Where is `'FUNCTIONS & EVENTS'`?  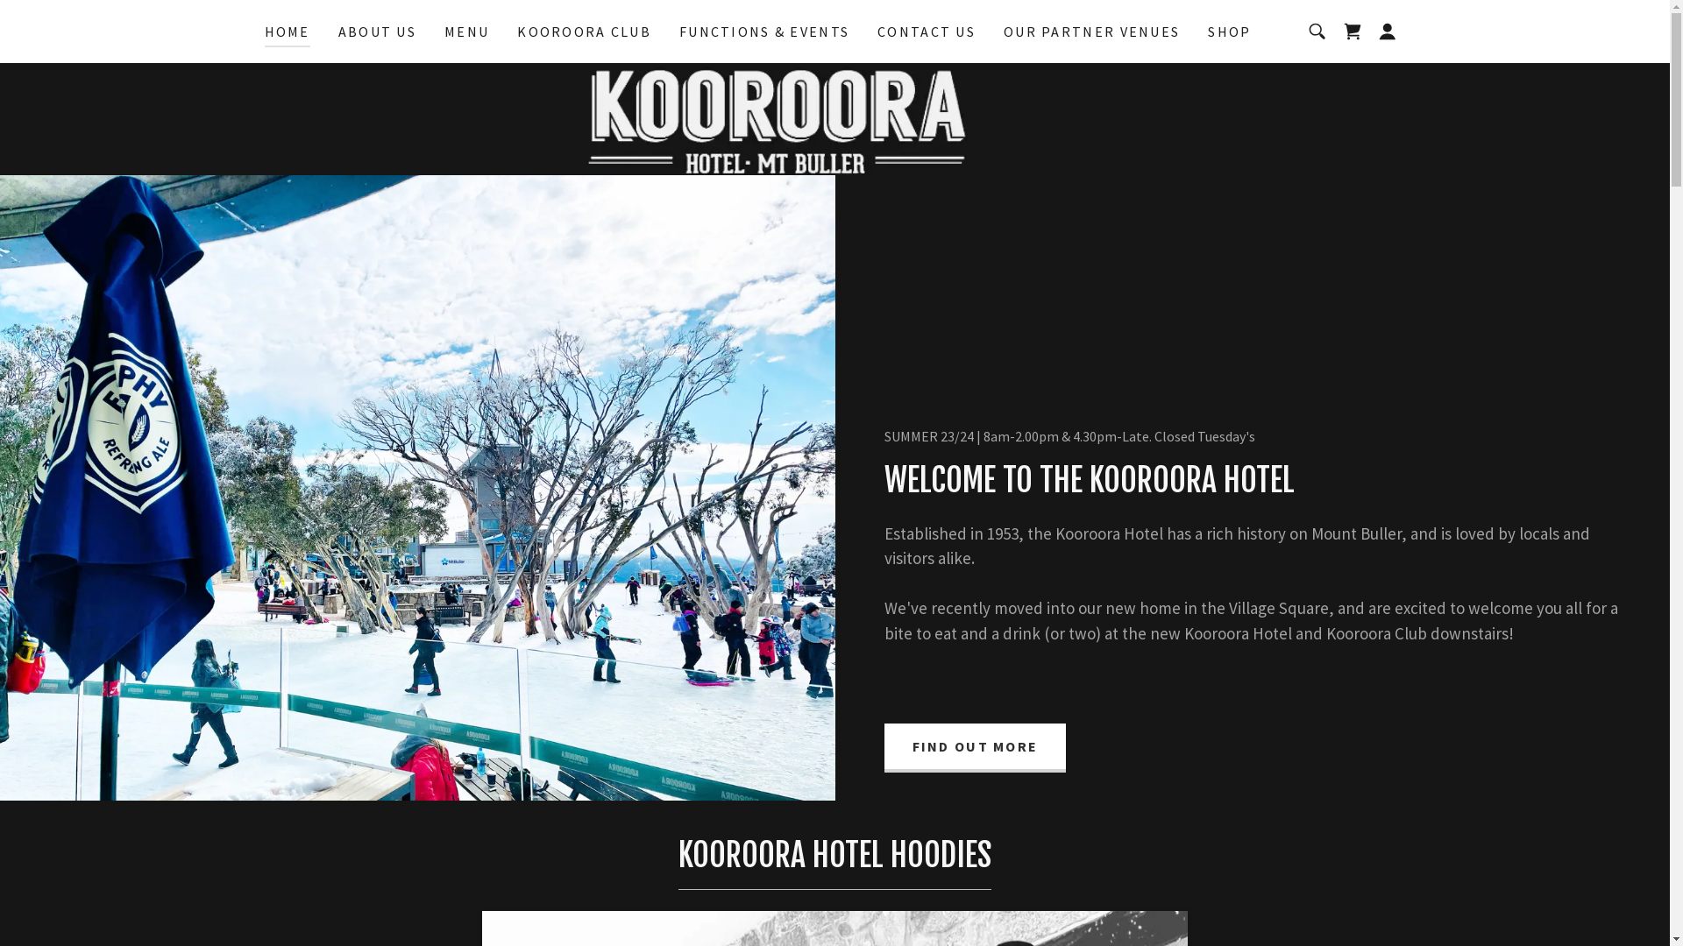 'FUNCTIONS & EVENTS' is located at coordinates (764, 31).